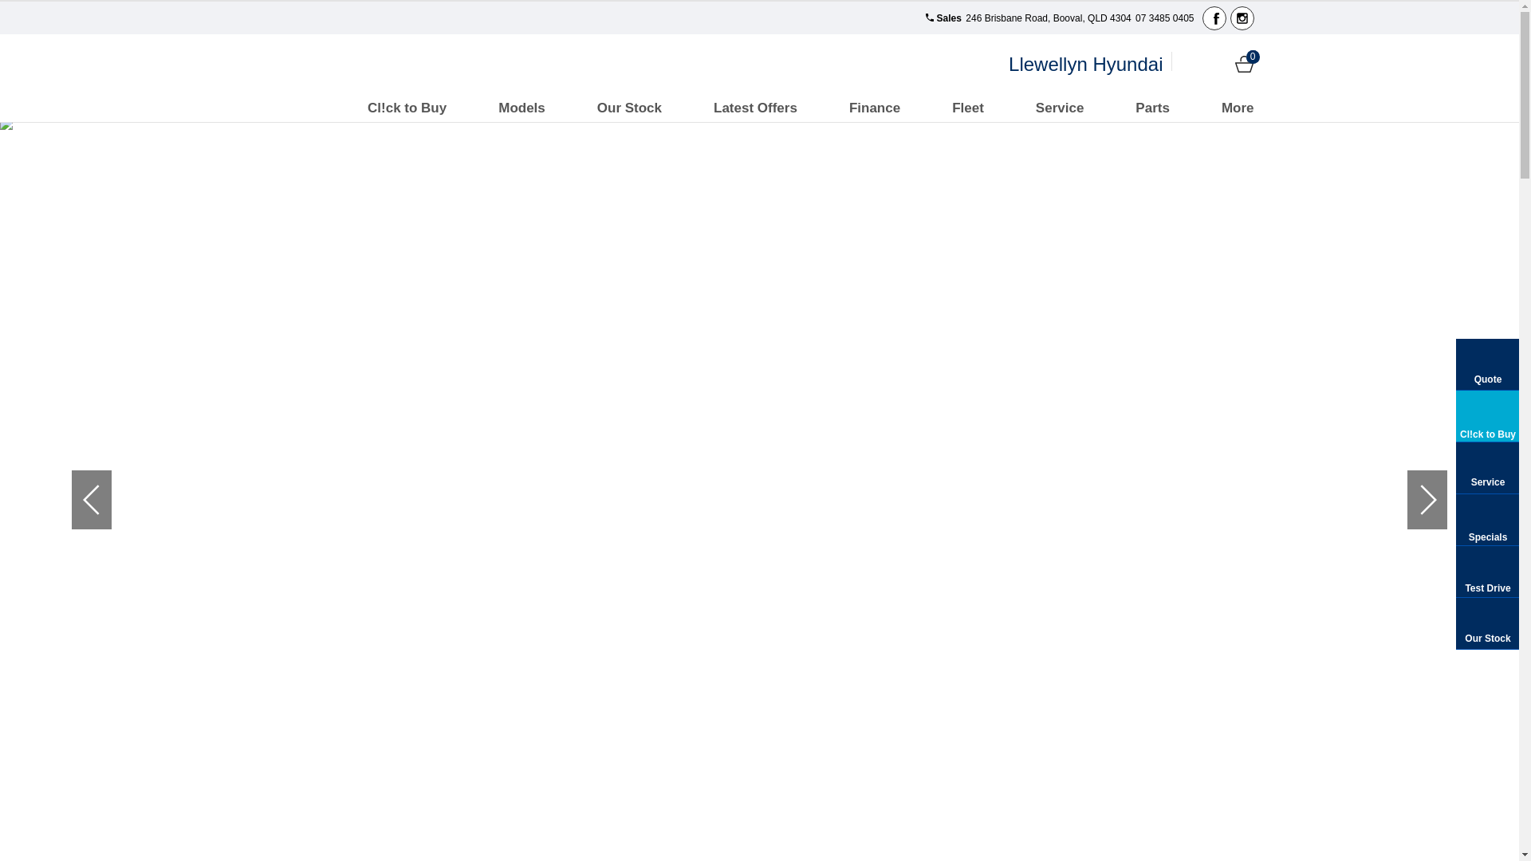  Describe the element at coordinates (1163, 18) in the screenshot. I see `'07 3485 0405'` at that location.